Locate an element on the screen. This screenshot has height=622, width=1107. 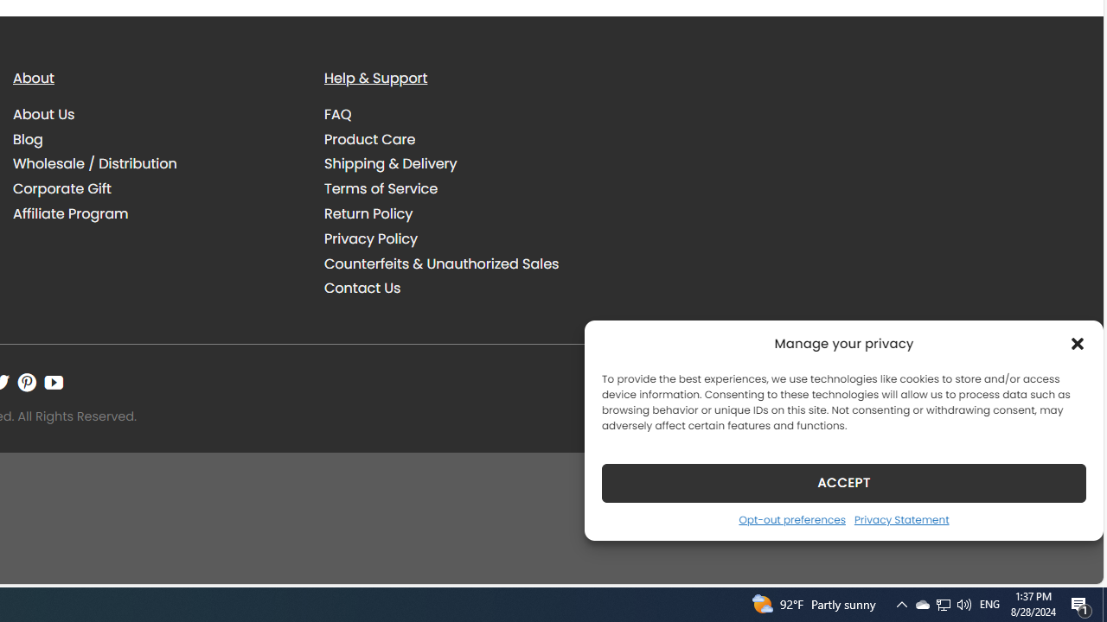
'Follow on Pinterest' is located at coordinates (27, 381).